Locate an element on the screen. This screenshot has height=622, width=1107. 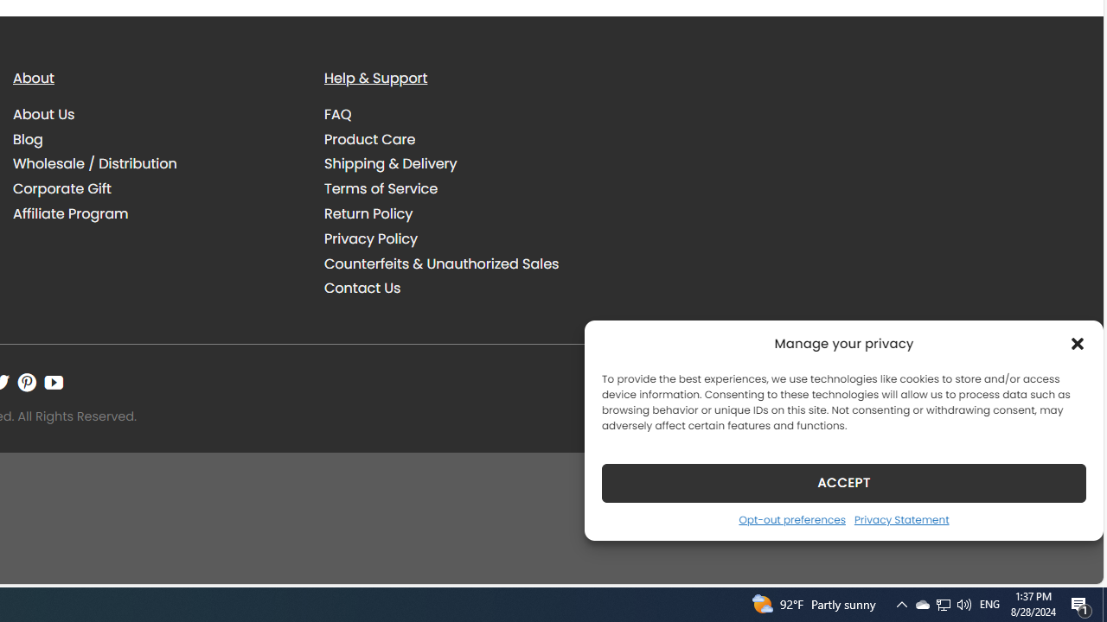
'Follow on Pinterest' is located at coordinates (27, 381).